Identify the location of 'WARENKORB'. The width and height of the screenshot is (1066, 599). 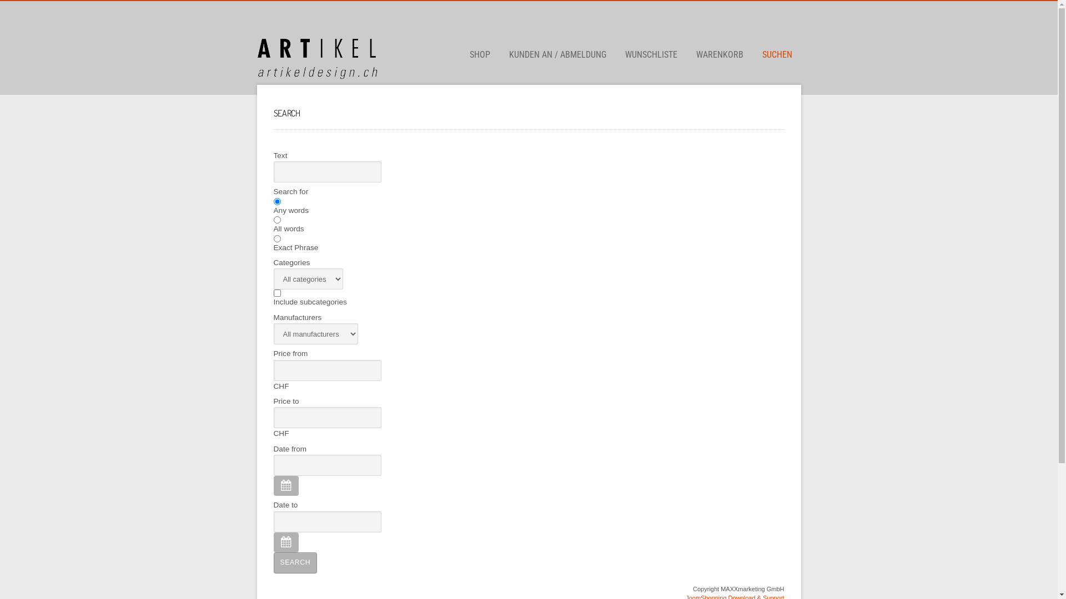
(720, 55).